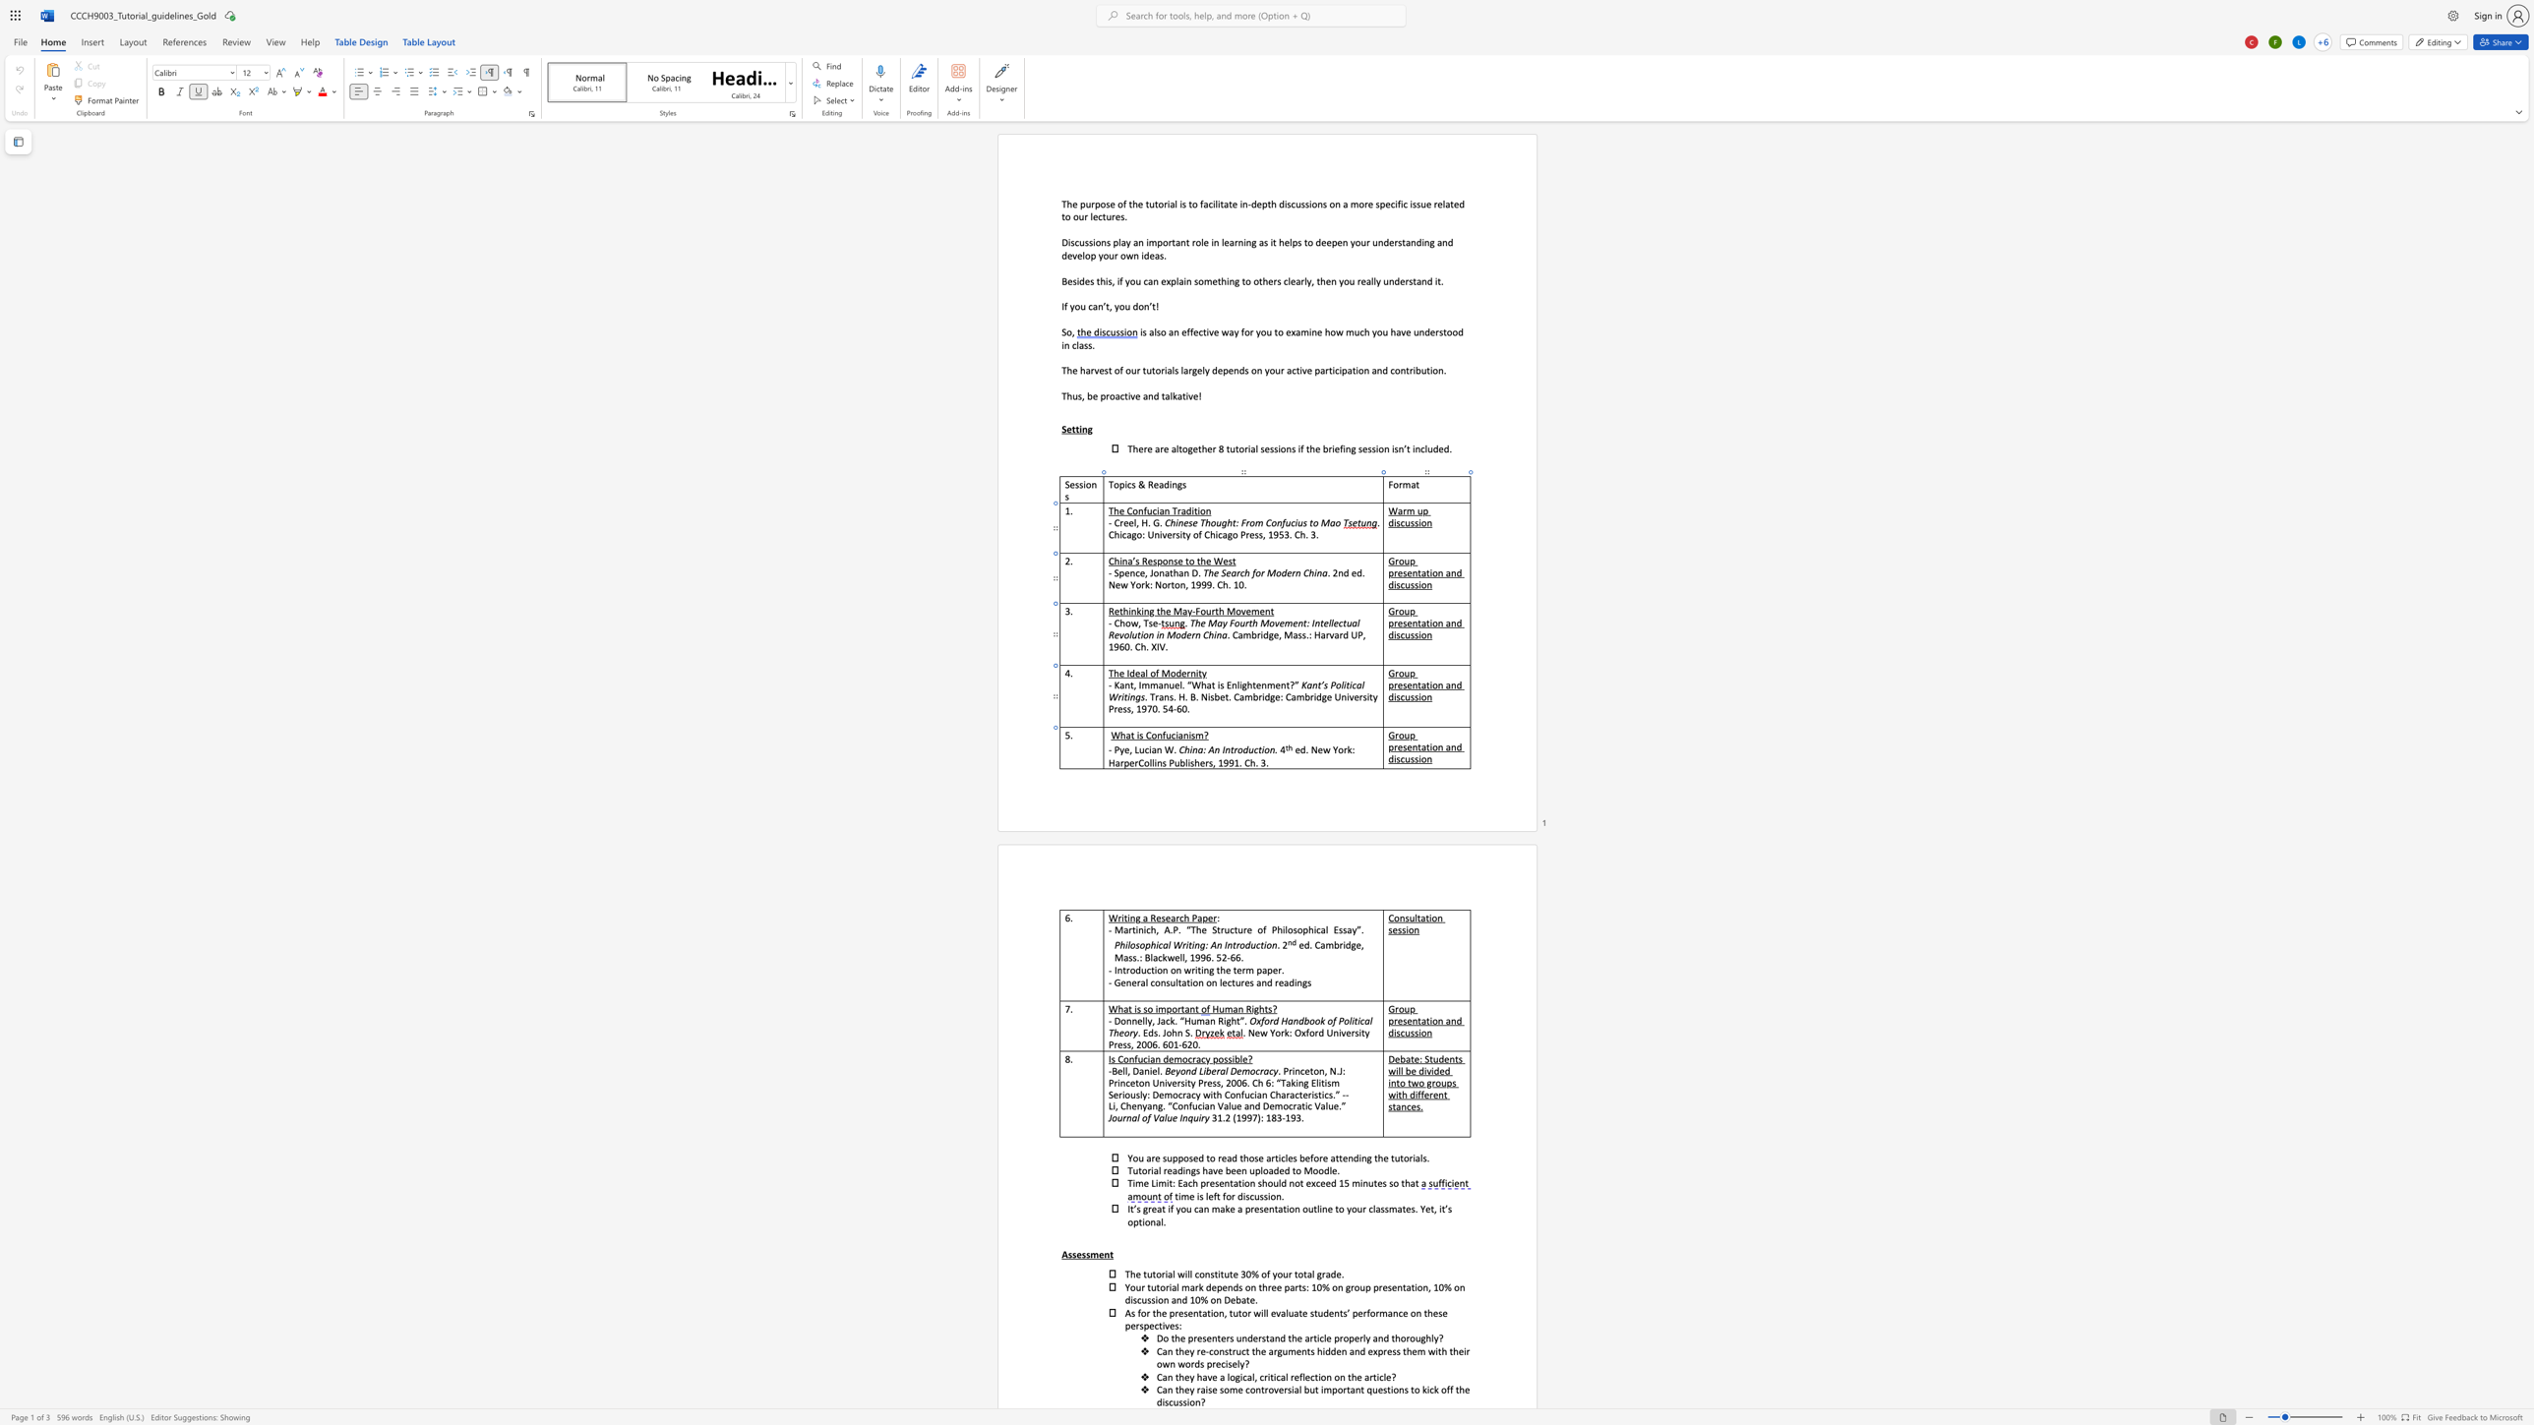  What do you see at coordinates (1134, 696) in the screenshot?
I see `the space between the continuous character "n" and "g" in the text` at bounding box center [1134, 696].